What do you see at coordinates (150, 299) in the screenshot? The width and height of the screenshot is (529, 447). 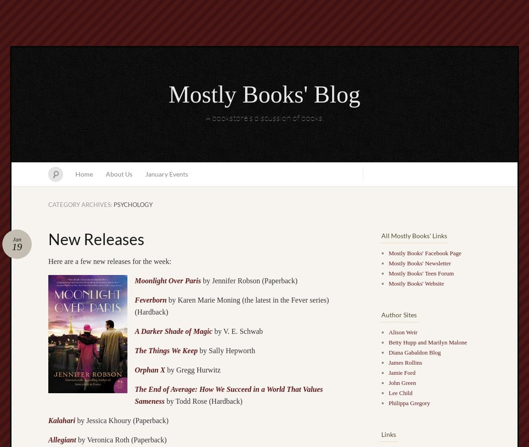 I see `'Feverborn'` at bounding box center [150, 299].